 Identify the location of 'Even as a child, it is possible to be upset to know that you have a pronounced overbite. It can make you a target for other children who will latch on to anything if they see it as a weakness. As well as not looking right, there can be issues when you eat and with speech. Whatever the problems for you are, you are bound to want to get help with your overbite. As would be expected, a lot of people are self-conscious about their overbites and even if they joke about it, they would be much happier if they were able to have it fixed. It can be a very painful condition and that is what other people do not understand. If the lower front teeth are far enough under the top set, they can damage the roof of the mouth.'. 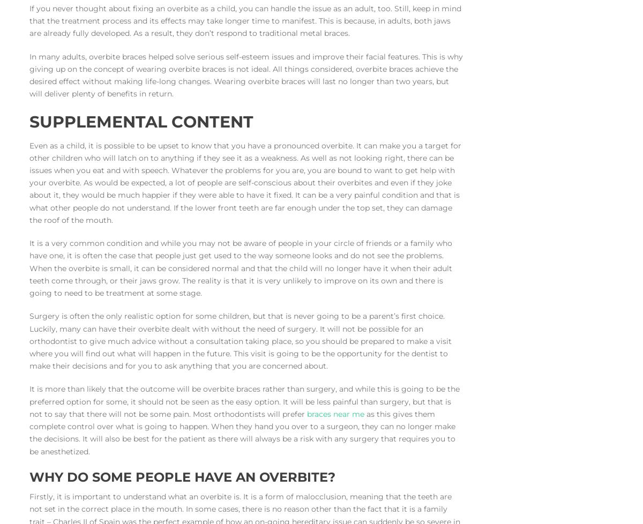
(29, 182).